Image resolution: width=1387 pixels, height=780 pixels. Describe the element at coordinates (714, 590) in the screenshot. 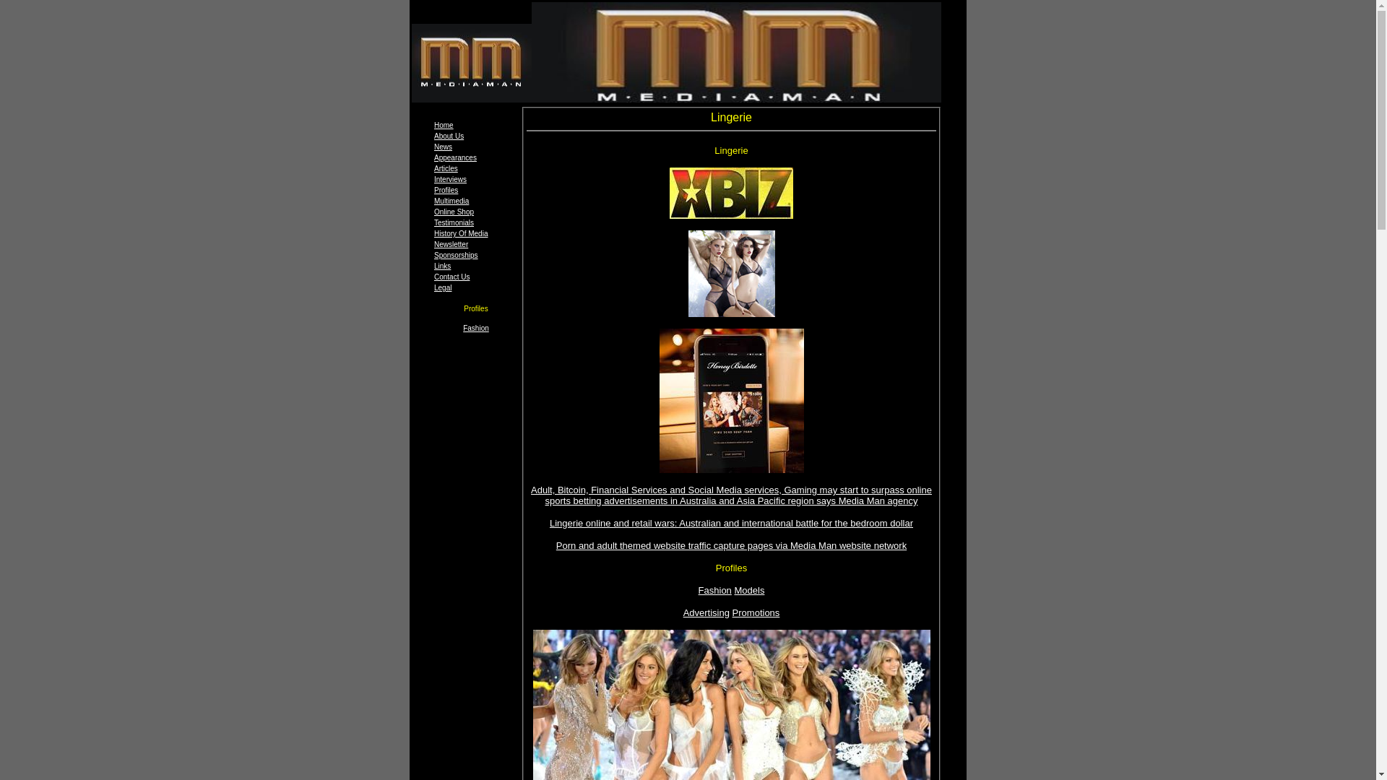

I see `'Fashion'` at that location.